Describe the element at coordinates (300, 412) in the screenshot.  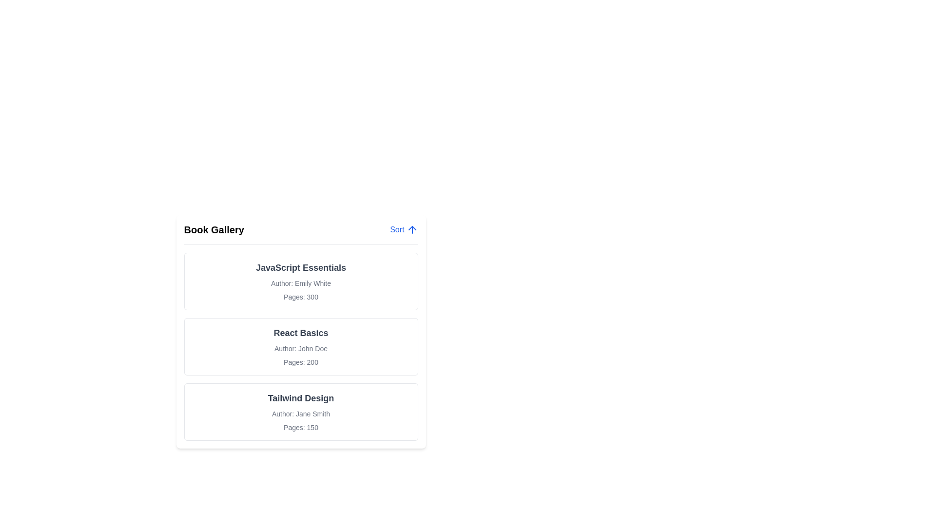
I see `on the Information Card displaying details about a specific book, positioned as the third card in the Book Gallery` at that location.